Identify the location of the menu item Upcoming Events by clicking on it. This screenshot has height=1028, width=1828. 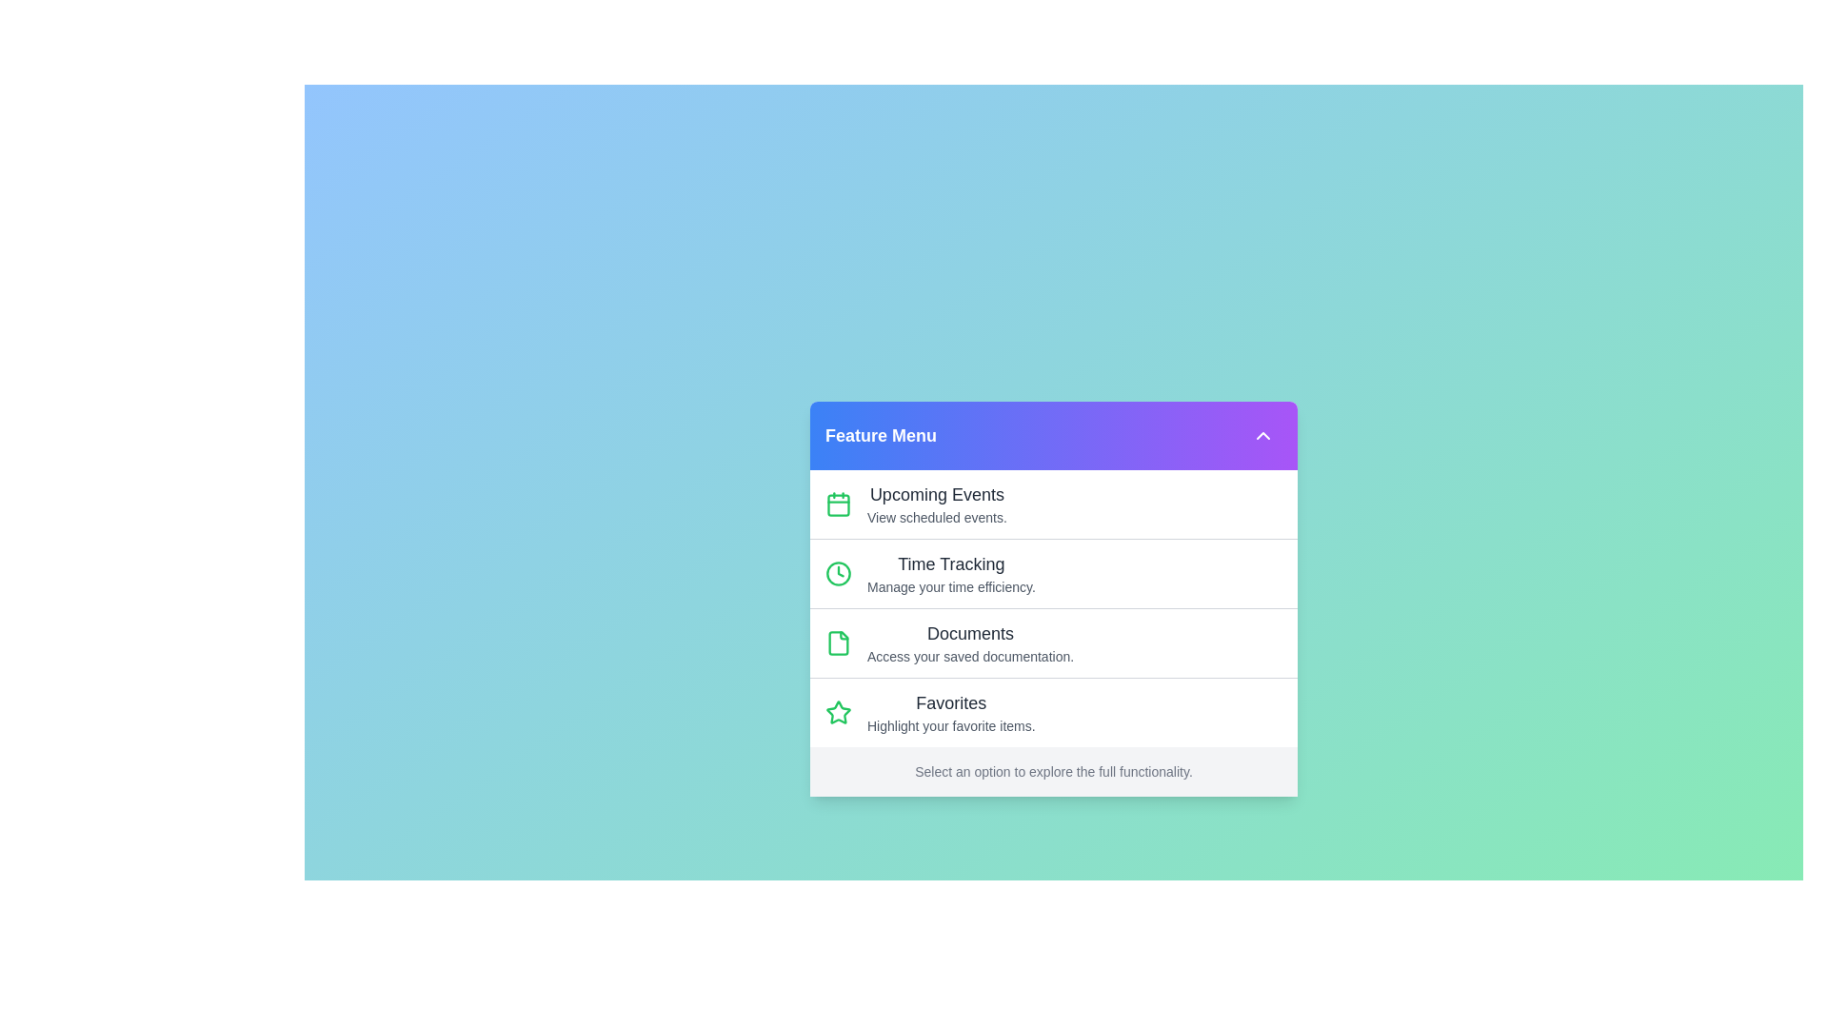
(1053, 503).